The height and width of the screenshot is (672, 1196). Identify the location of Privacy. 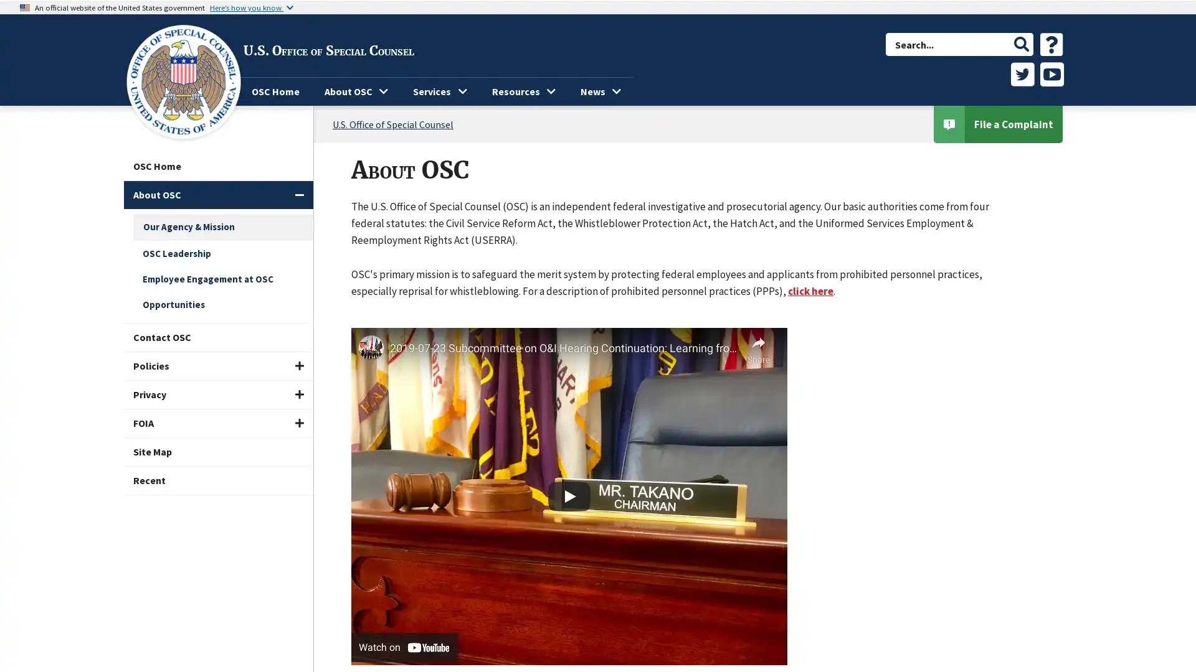
(218, 394).